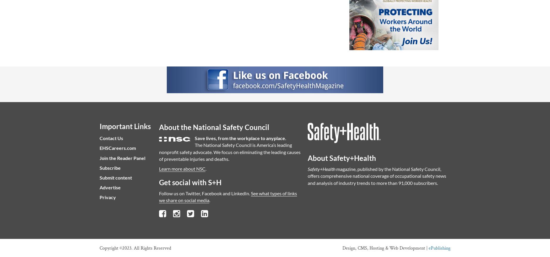  What do you see at coordinates (110, 167) in the screenshot?
I see `'Subscribe'` at bounding box center [110, 167].